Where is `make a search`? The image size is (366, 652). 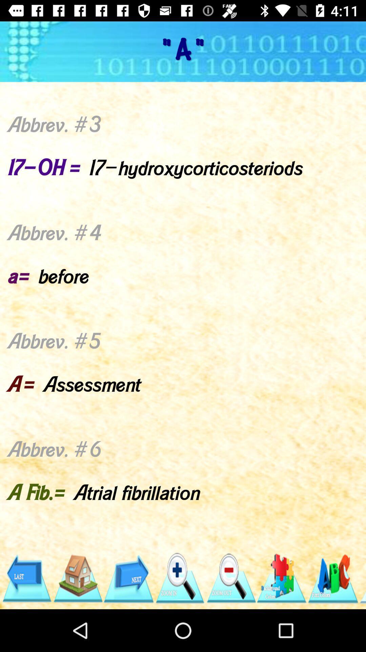
make a search is located at coordinates (179, 578).